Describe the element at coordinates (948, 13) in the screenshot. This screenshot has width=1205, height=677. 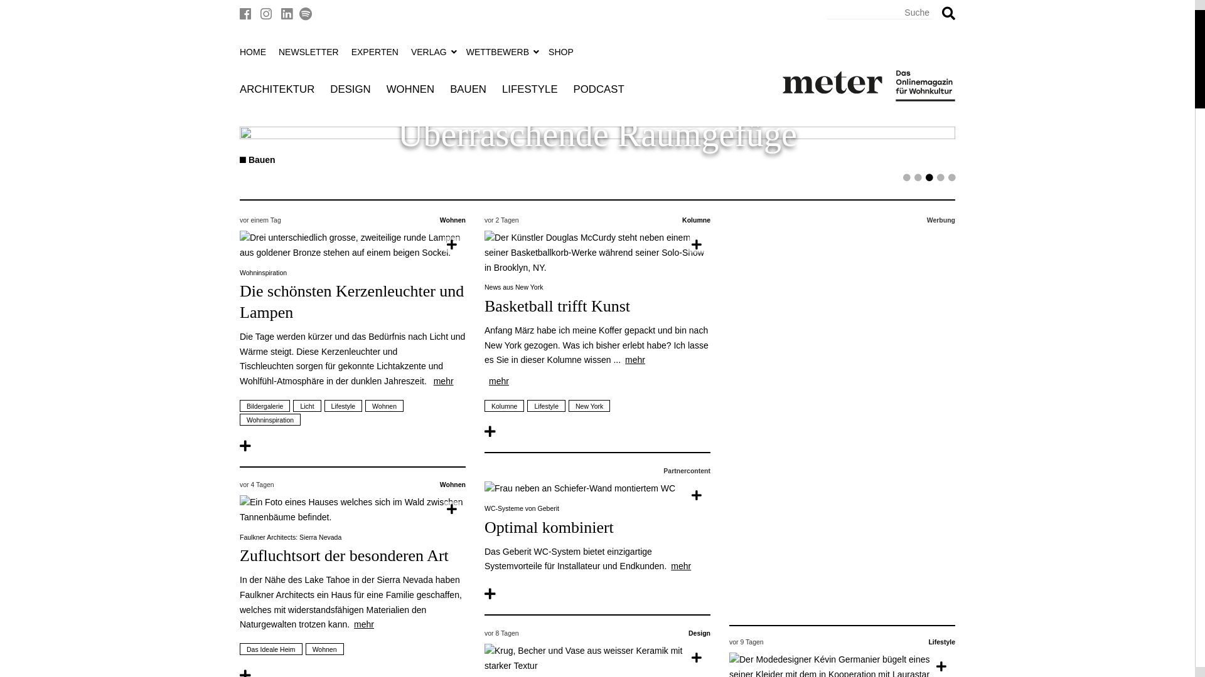
I see `'Suchen'` at that location.